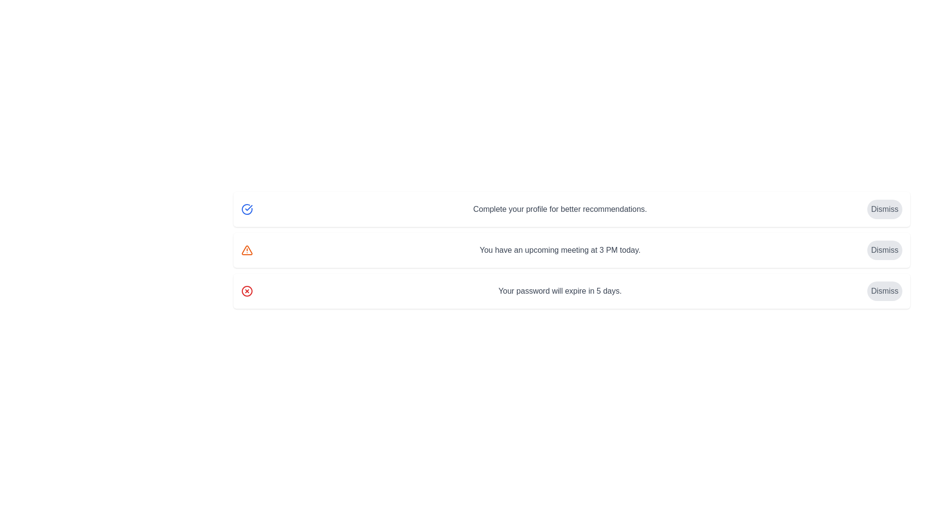 This screenshot has height=526, width=936. Describe the element at coordinates (884, 290) in the screenshot. I see `dismiss button corresponding to the alert with text 'Your password will expire in 5 days.'` at that location.